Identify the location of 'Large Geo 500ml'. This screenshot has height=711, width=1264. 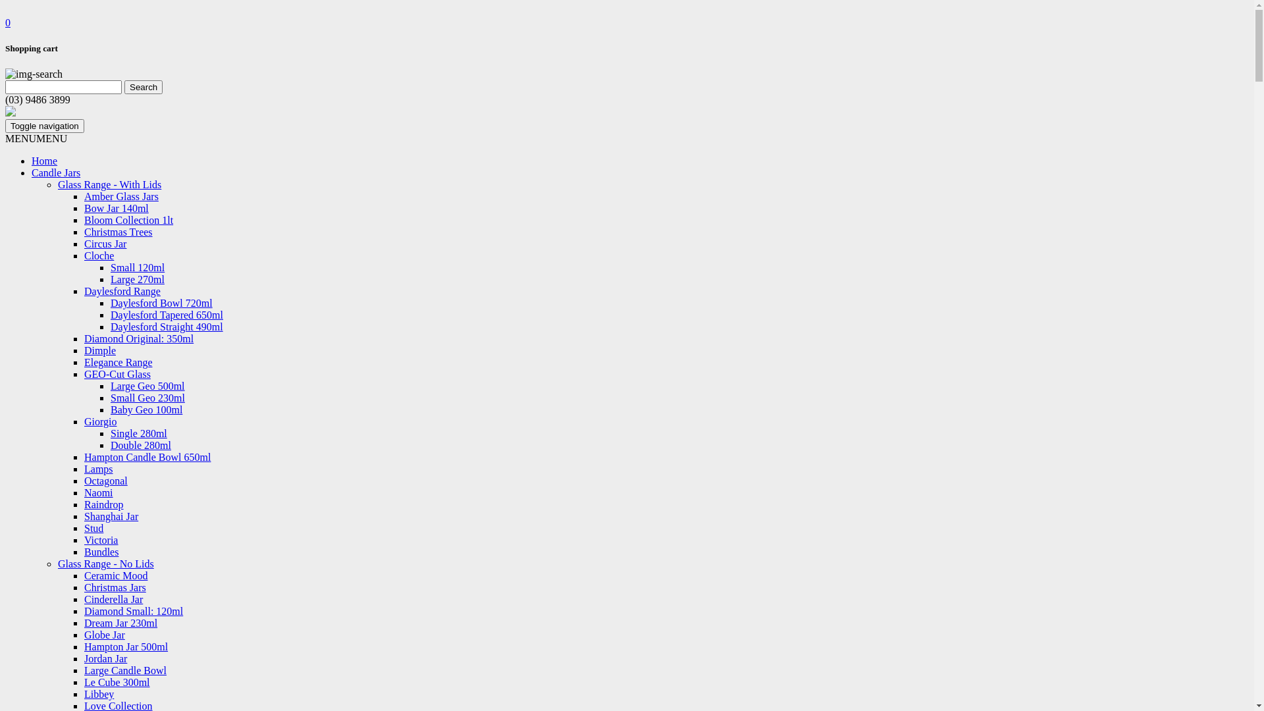
(147, 385).